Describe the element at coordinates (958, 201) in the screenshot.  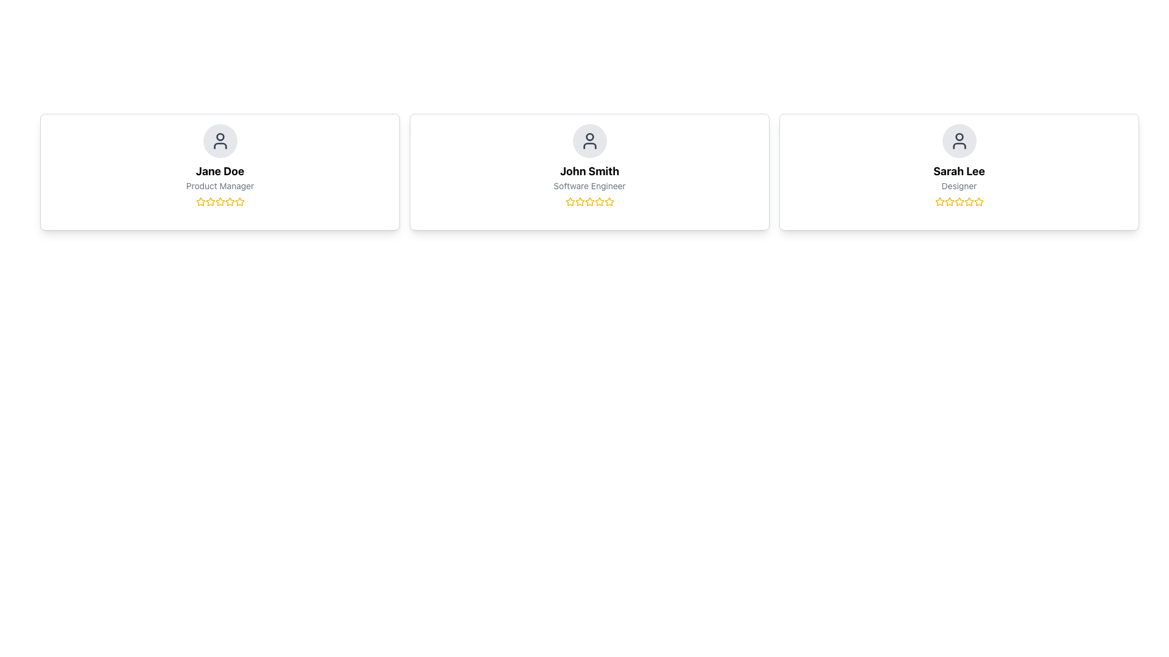
I see `the third star in the 5-star rating system on Sarah Lee's profile card` at that location.